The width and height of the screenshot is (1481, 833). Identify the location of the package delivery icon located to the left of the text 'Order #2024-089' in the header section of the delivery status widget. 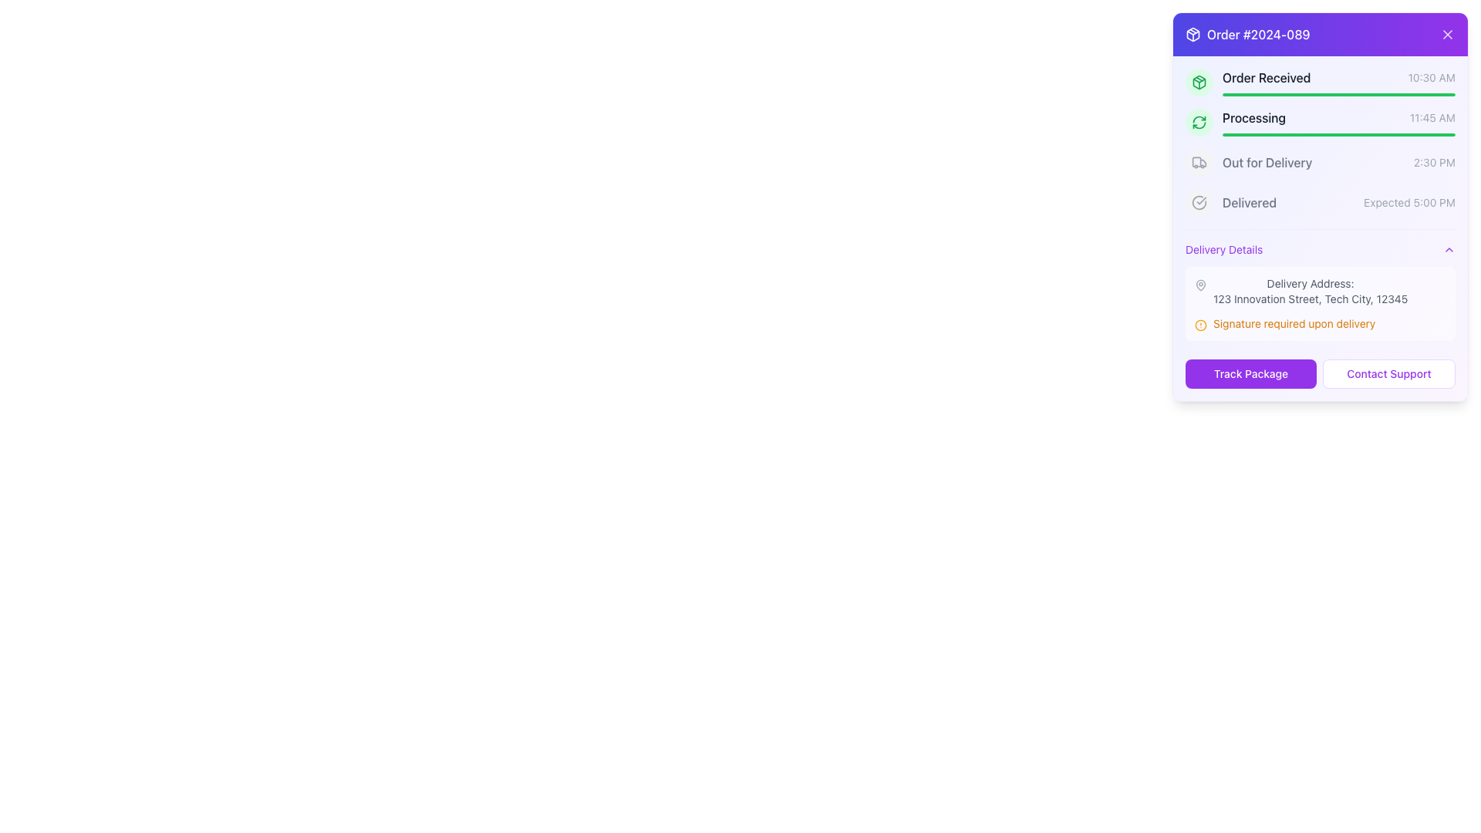
(1192, 35).